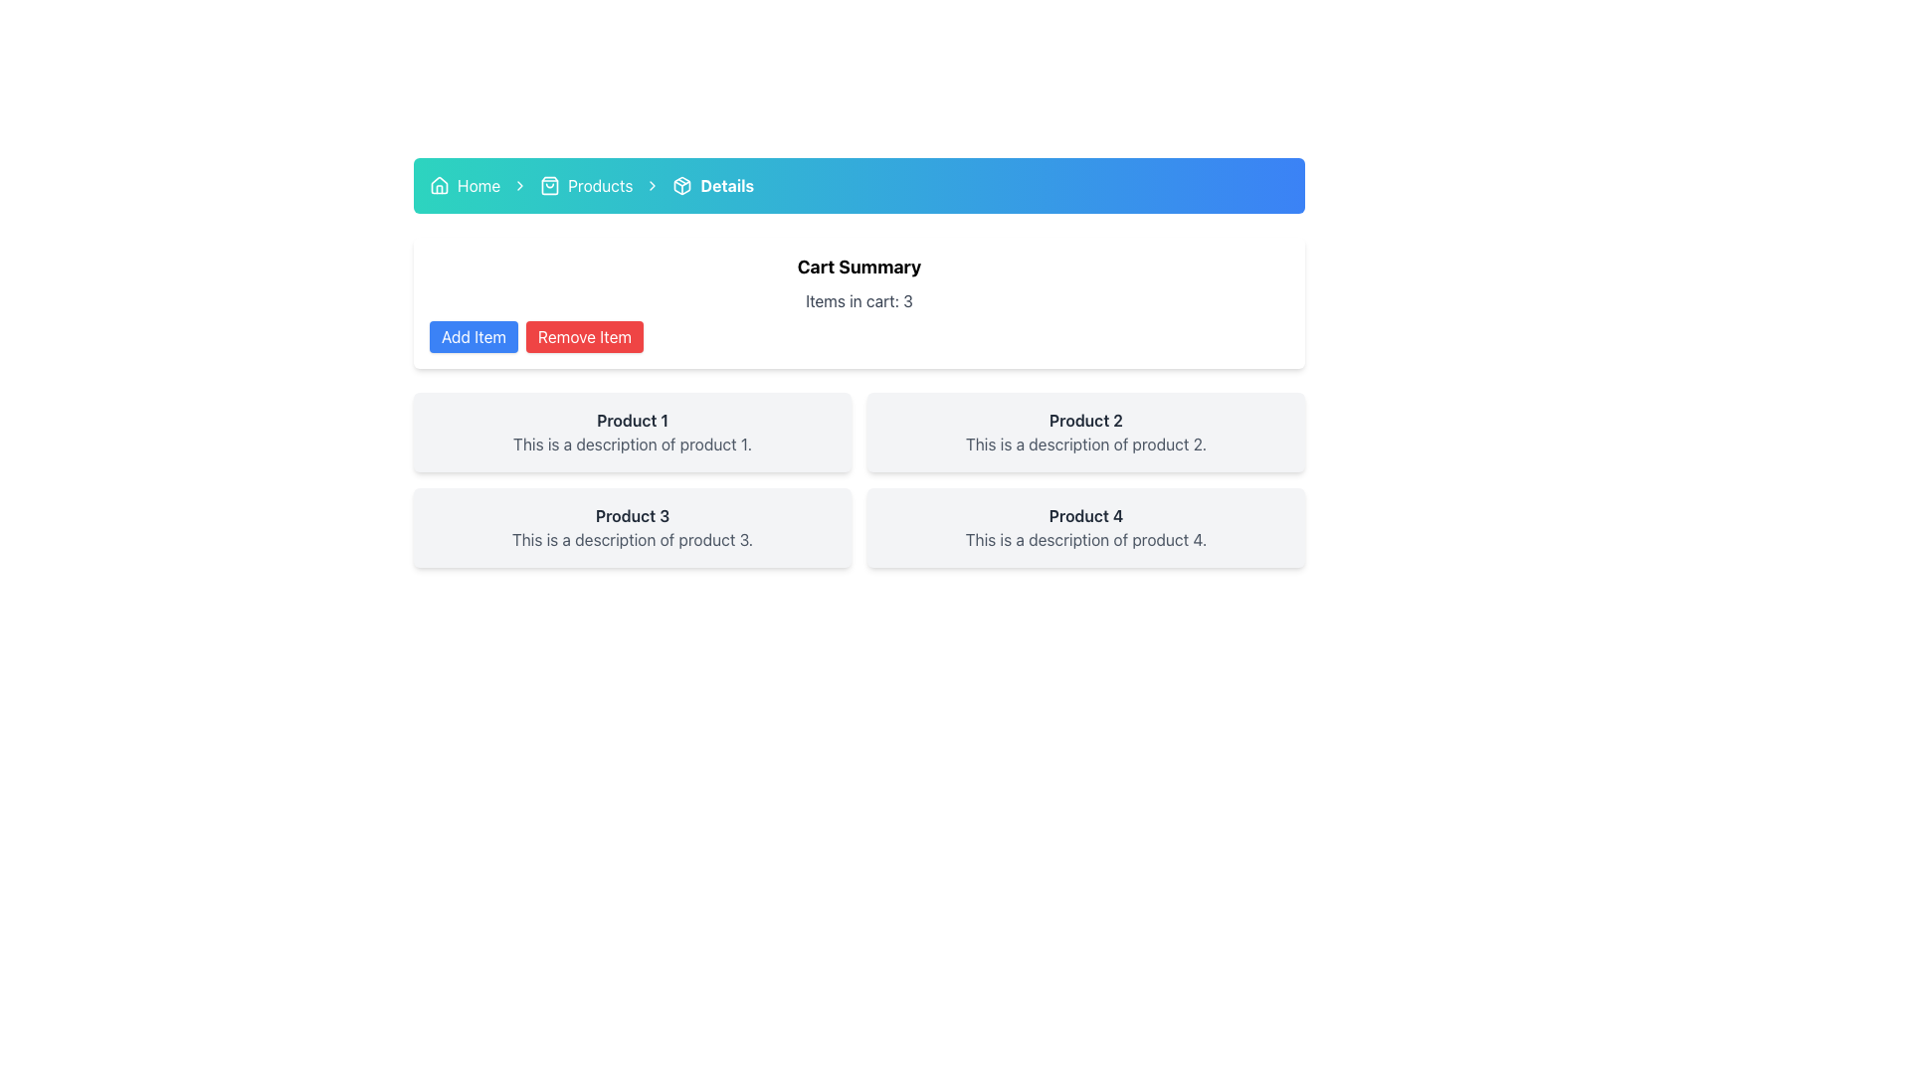 This screenshot has height=1074, width=1910. What do you see at coordinates (713, 185) in the screenshot?
I see `the 'Details' breadcrumb link in the navigation bar, which is the third element in the sequence 'Home > Products > Details'. It is styled in bold font and is located to the right of the 'Products' item` at bounding box center [713, 185].